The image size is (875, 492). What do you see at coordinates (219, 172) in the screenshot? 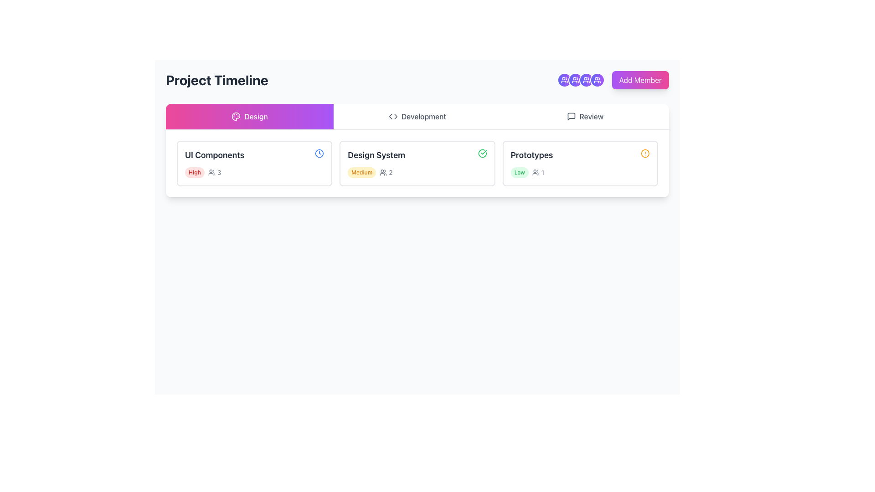
I see `the text element indicating the number of users associated with the 'UI Components' in the 'Design' tab` at bounding box center [219, 172].